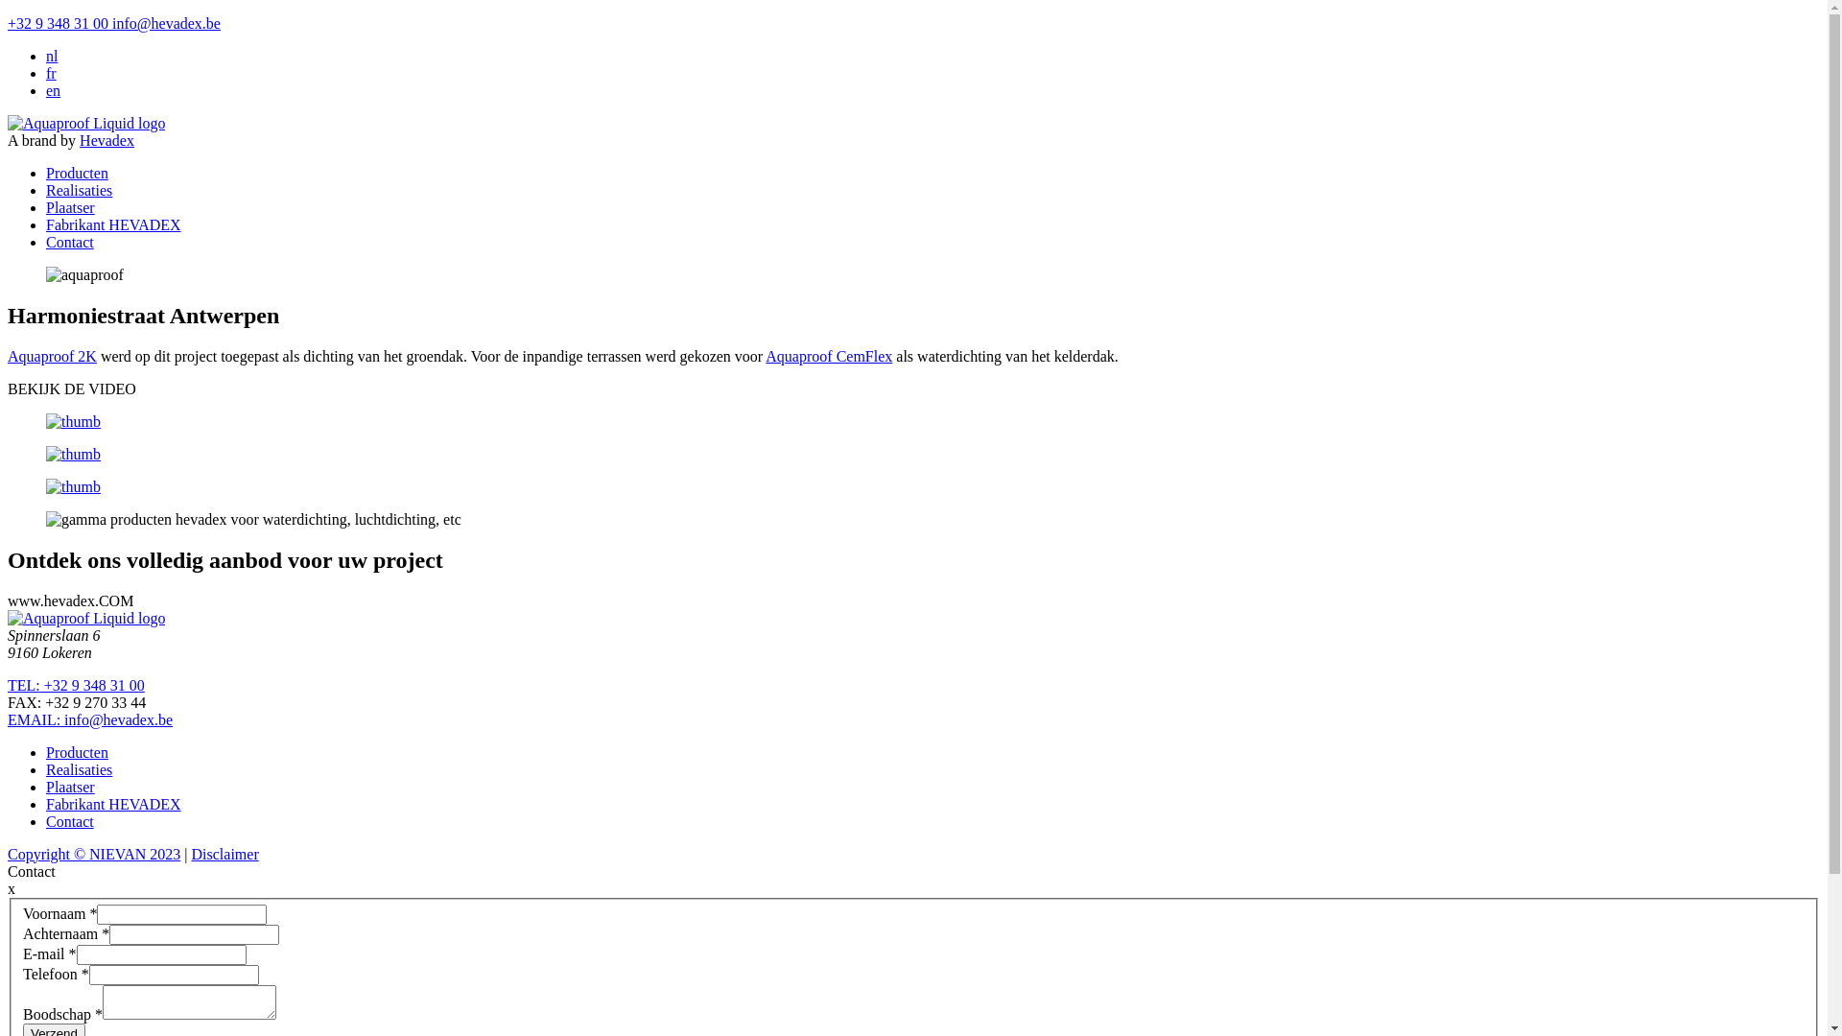 This screenshot has width=1842, height=1036. What do you see at coordinates (8, 719) in the screenshot?
I see `'EMAIL: info@hevadex.be'` at bounding box center [8, 719].